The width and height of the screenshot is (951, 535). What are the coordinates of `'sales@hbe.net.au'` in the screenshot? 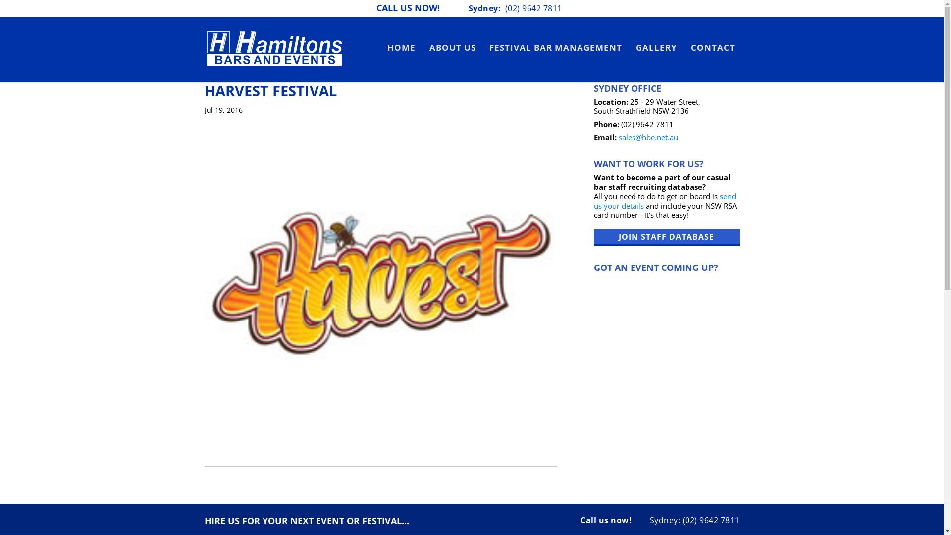 It's located at (648, 137).